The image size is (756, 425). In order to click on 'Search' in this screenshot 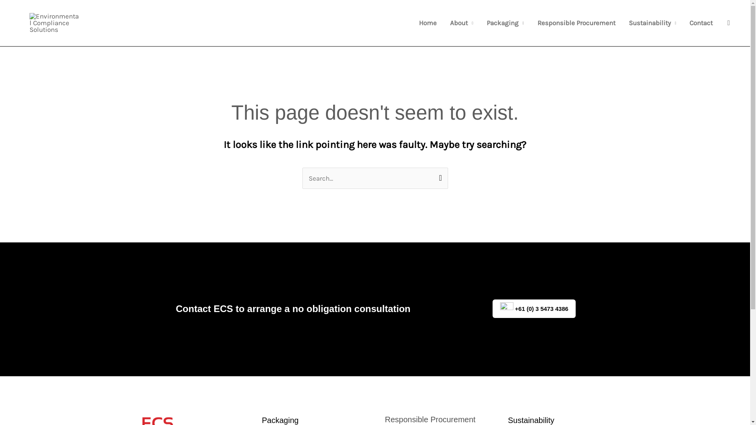, I will do `click(429, 175)`.